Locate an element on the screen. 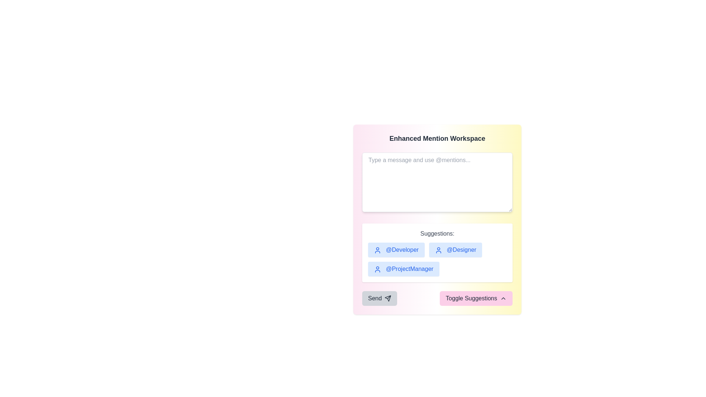  the Text Label displaying 'Suggestions:' which is styled in gray font and positioned above user suggestions is located at coordinates (437, 234).